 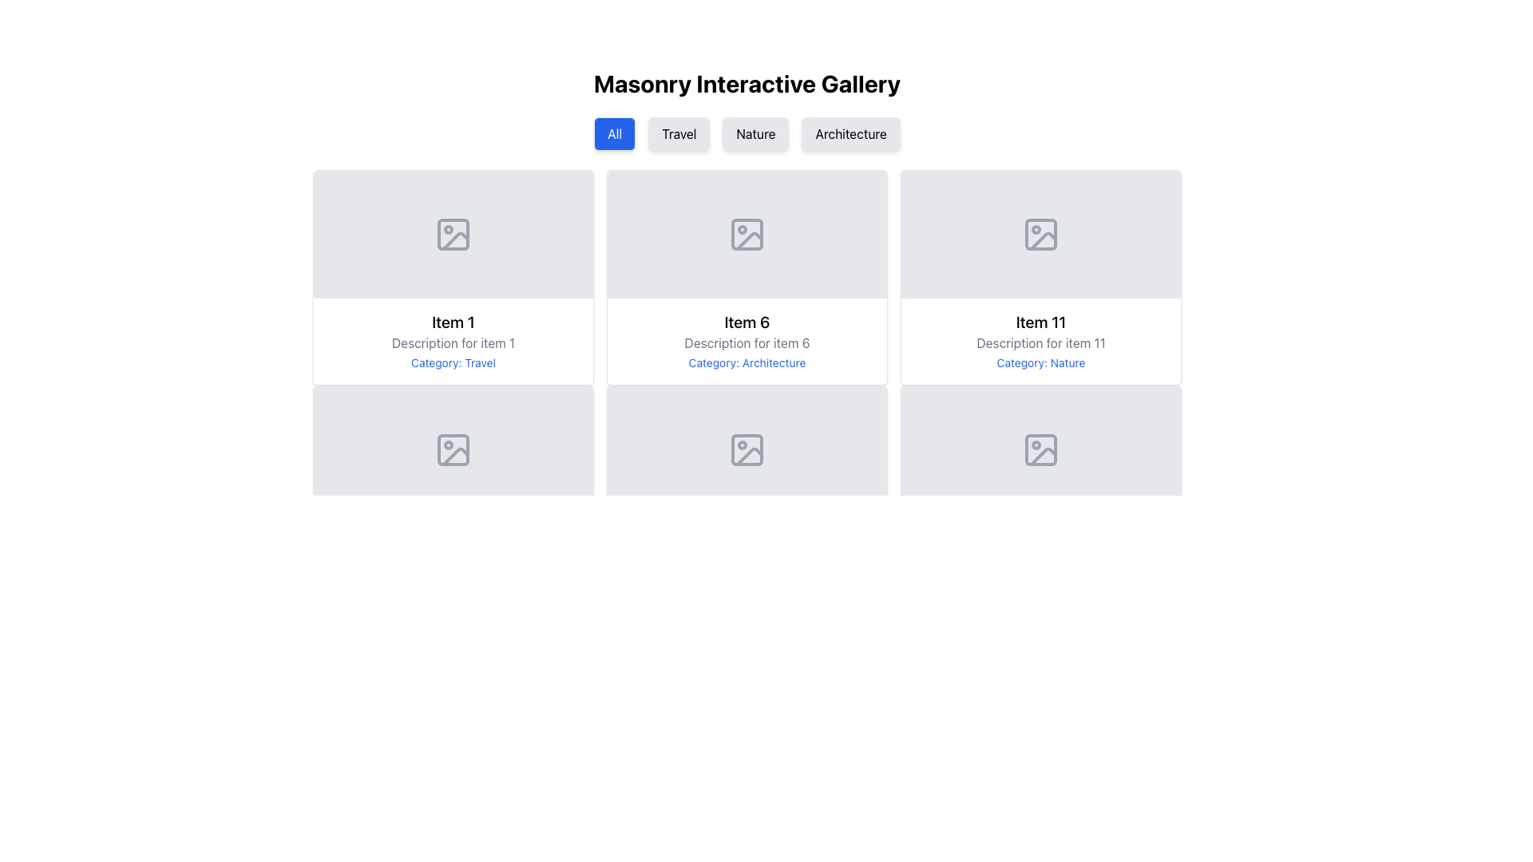 What do you see at coordinates (747, 342) in the screenshot?
I see `the textual element displaying 'Description for item 6' that is located in the center portion of the interface, beneath the title text 'Item 6' and above the category link 'Category: Architecture'` at bounding box center [747, 342].